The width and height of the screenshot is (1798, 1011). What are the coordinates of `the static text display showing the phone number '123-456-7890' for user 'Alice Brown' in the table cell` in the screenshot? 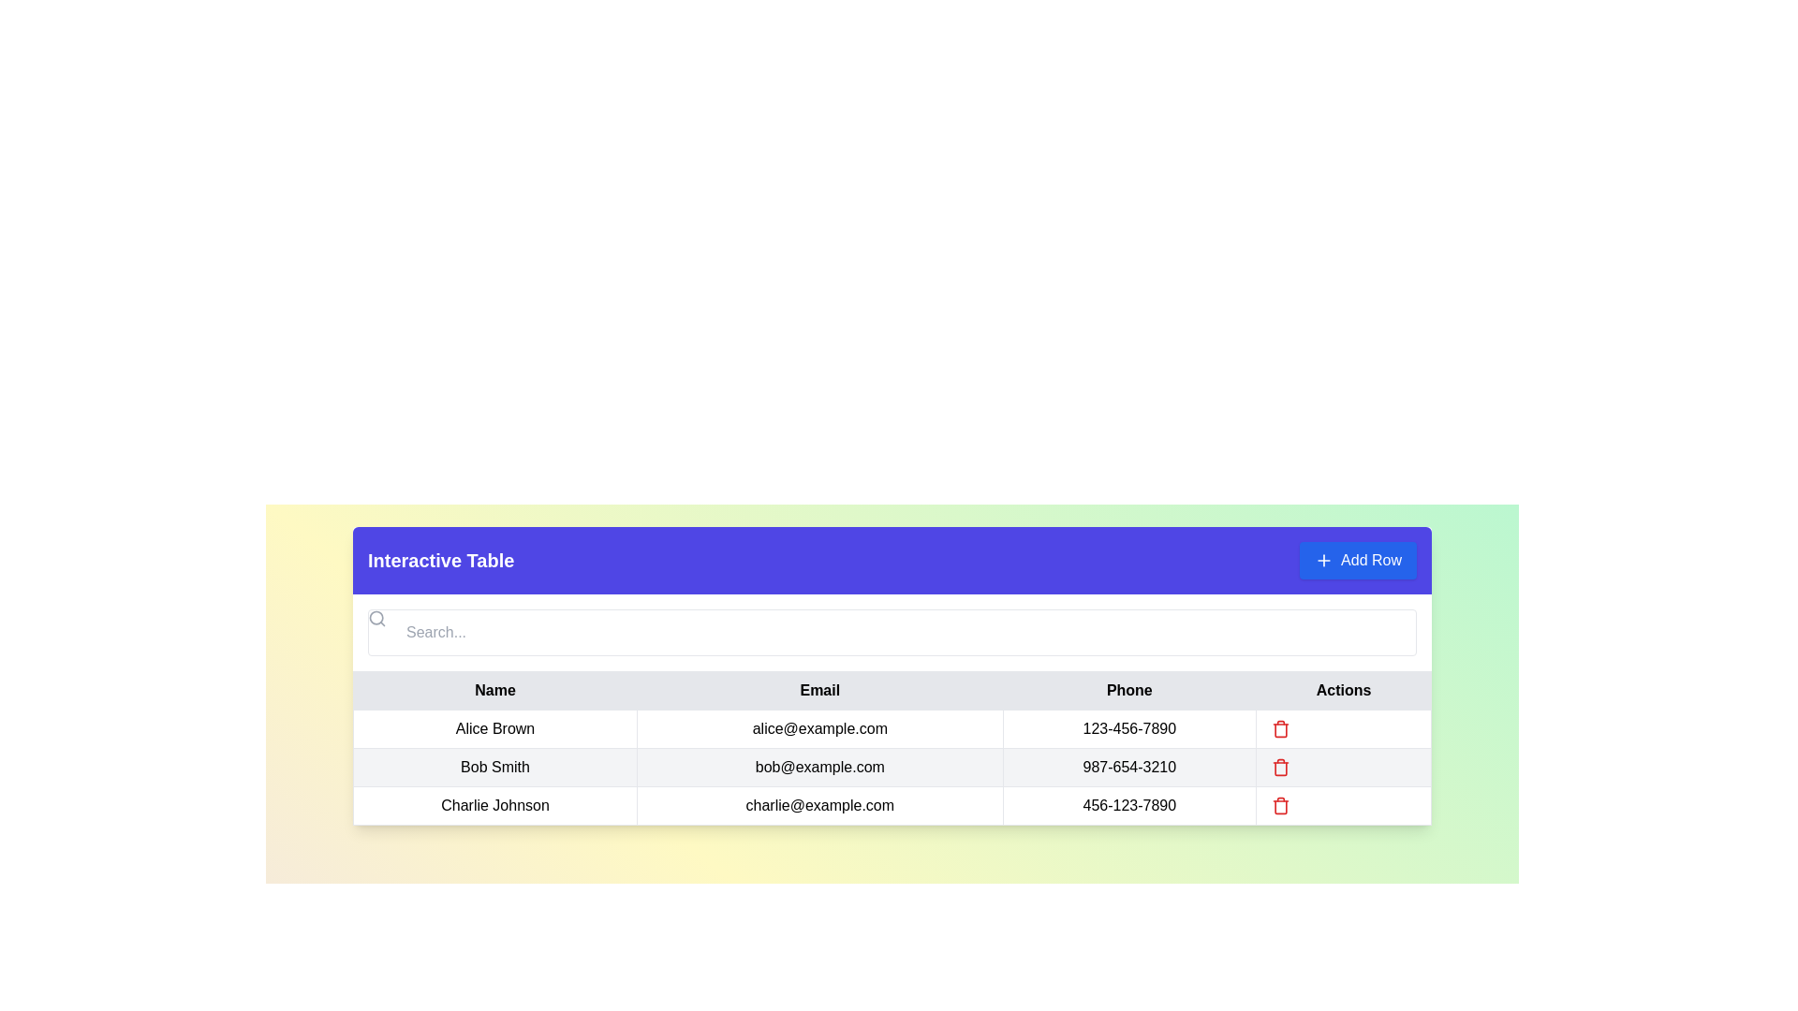 It's located at (1128, 728).